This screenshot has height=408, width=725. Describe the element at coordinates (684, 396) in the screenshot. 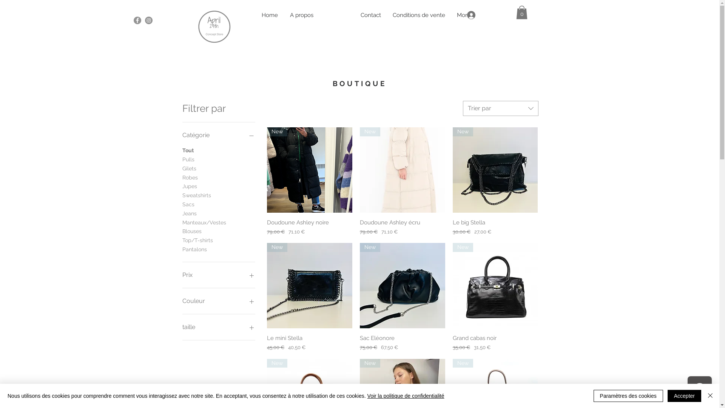

I see `'Accepter'` at that location.